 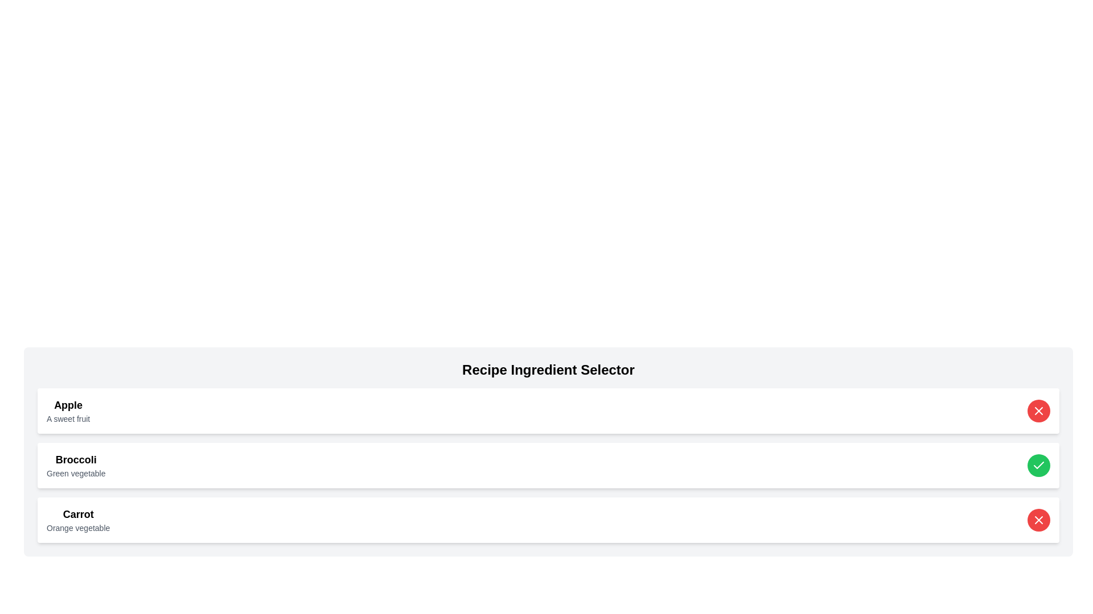 What do you see at coordinates (1038, 465) in the screenshot?
I see `the icon indicating the selected or completed state for the third row entry in the table, located to the far right of 'Carrot Orange vegetable'` at bounding box center [1038, 465].